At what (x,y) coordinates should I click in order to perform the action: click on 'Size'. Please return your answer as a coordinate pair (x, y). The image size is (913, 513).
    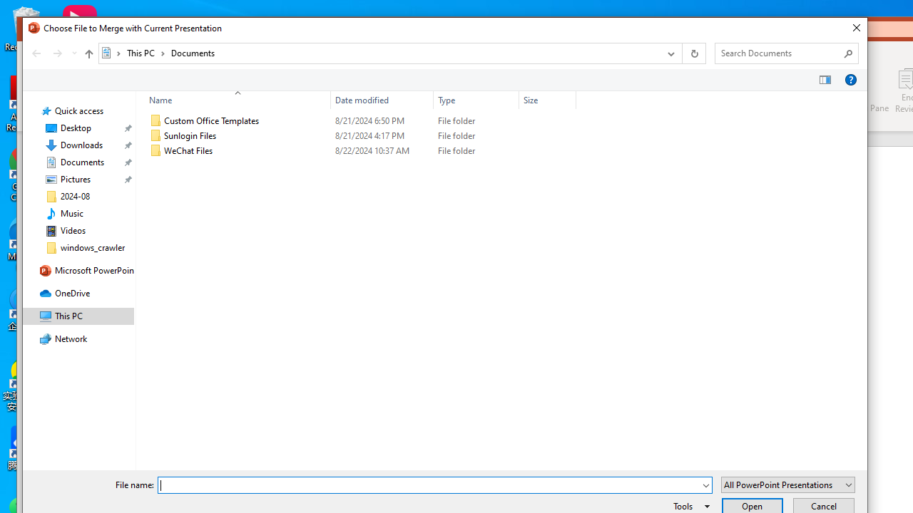
    Looking at the image, I should click on (547, 99).